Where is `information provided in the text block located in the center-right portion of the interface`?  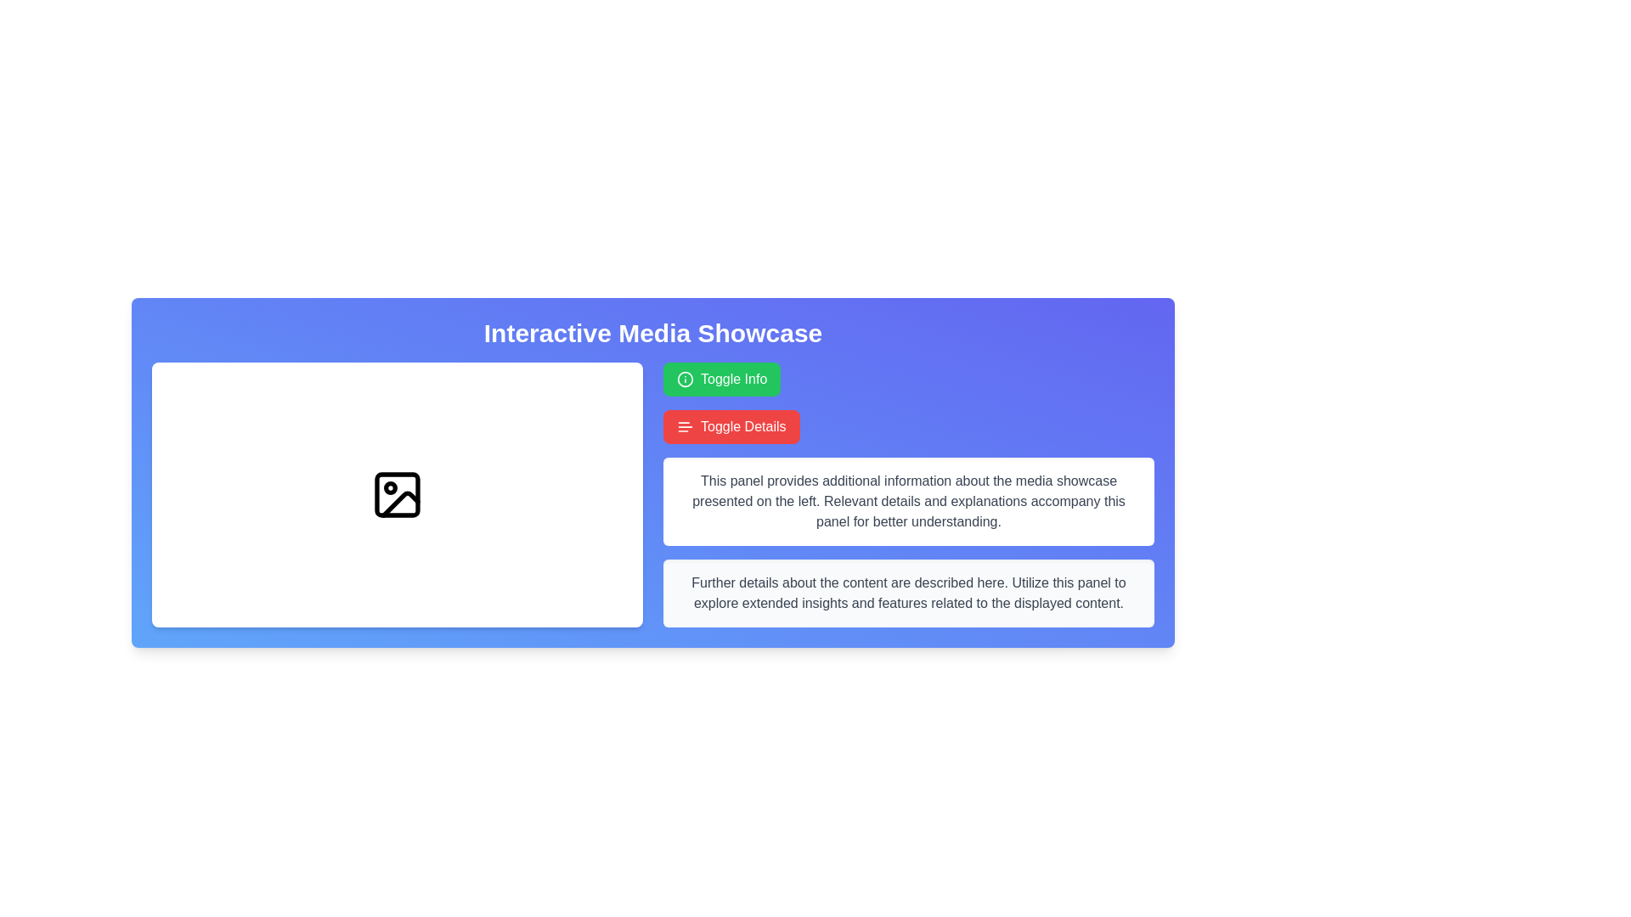 information provided in the text block located in the center-right portion of the interface is located at coordinates (908, 500).